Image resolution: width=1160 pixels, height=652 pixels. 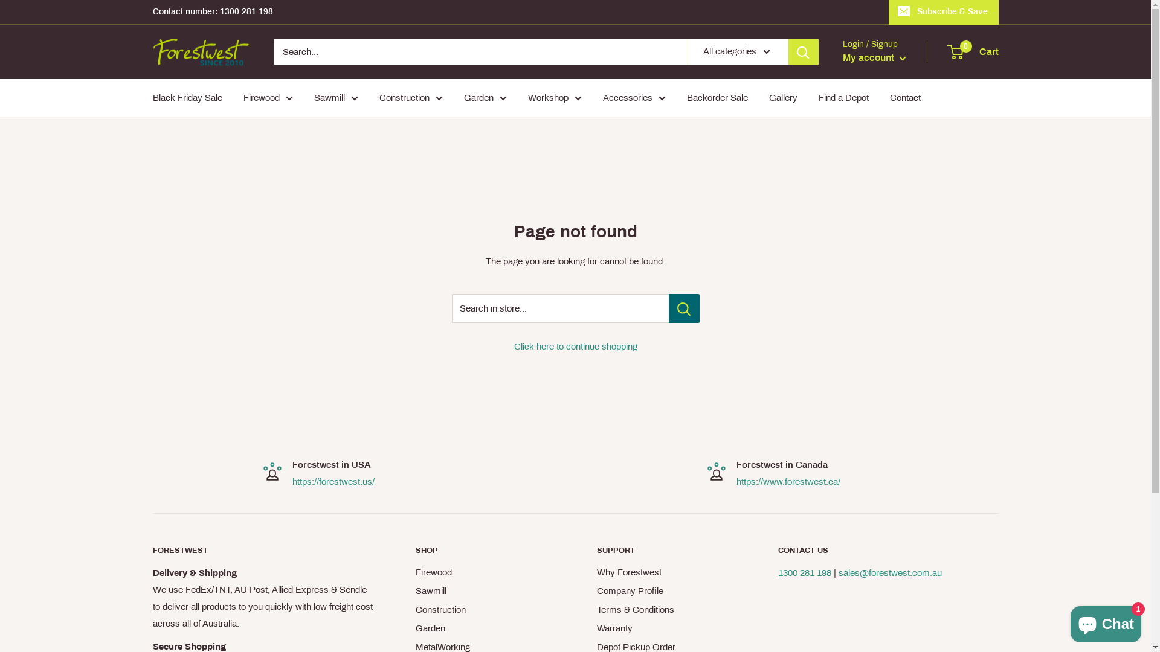 I want to click on 'sales@forestwest.com.au', so click(x=890, y=572).